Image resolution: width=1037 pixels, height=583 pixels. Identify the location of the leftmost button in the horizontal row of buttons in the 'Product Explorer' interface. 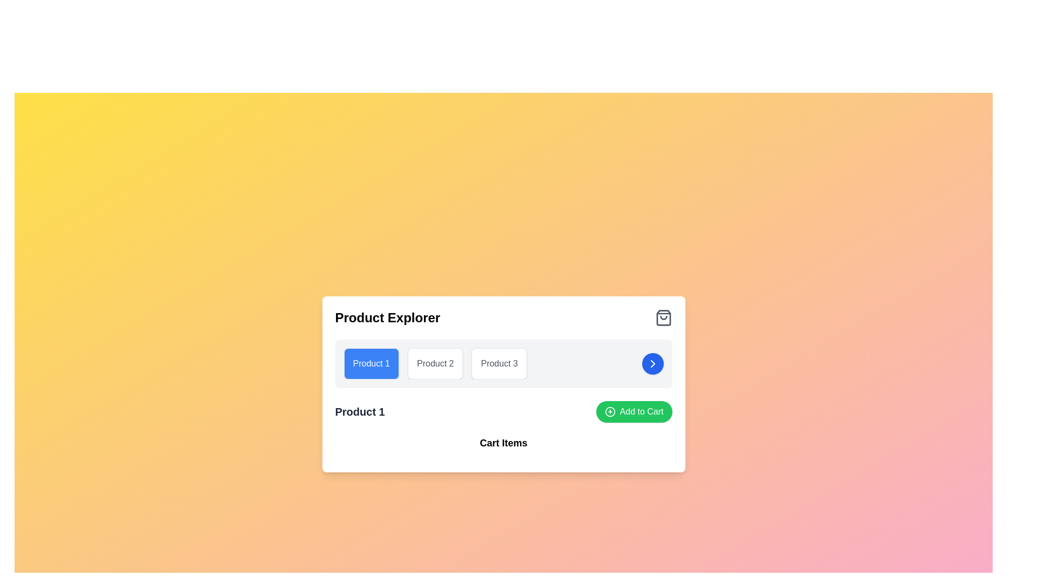
(371, 364).